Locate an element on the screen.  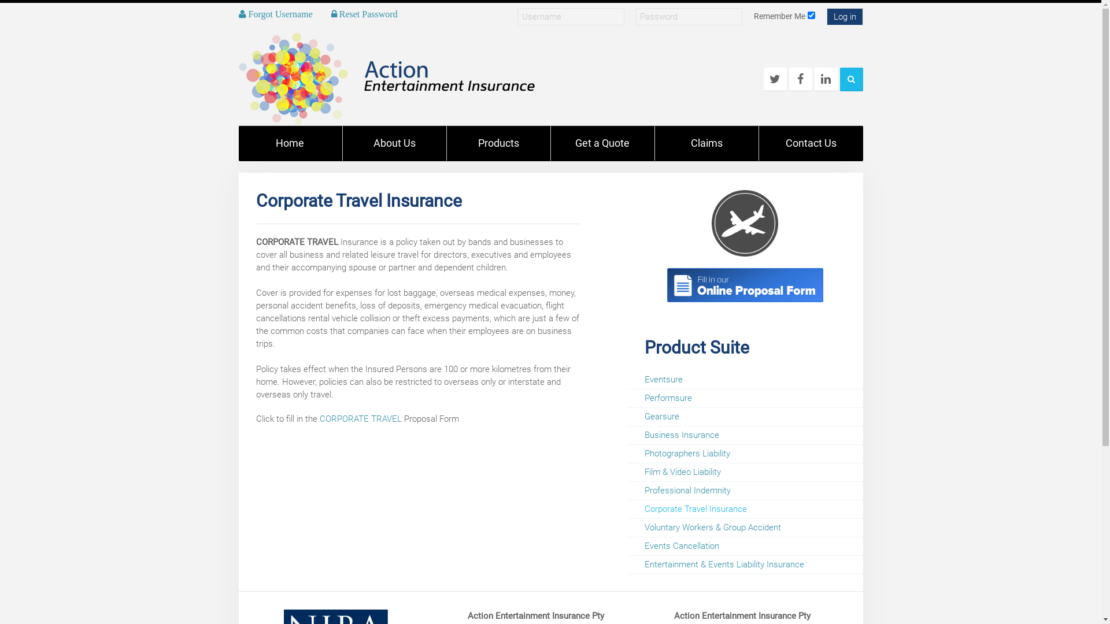
'Claims' is located at coordinates (706, 142).